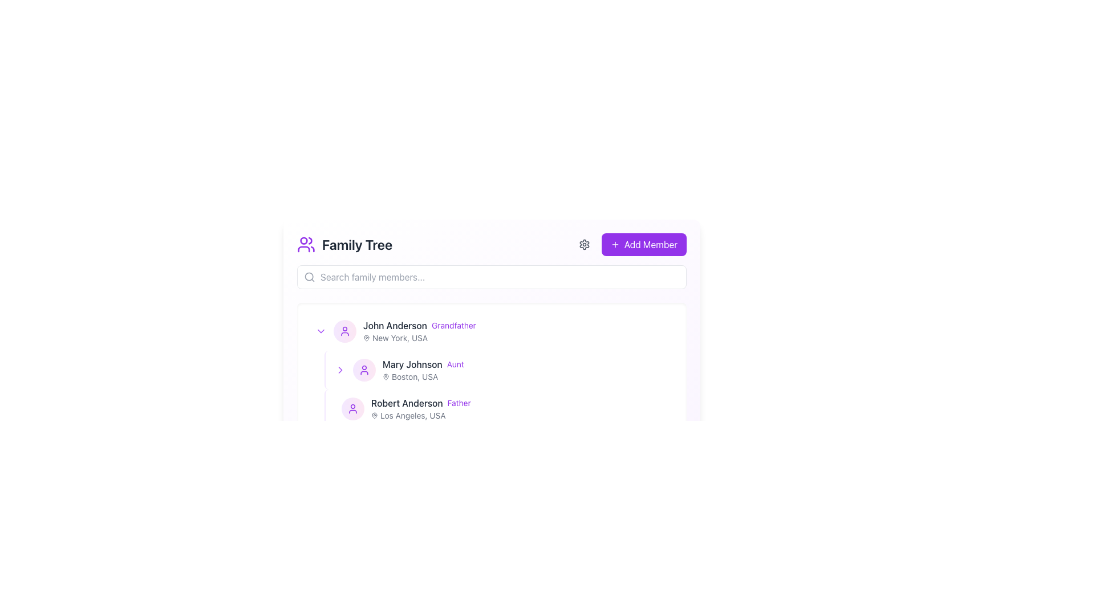  What do you see at coordinates (414, 376) in the screenshot?
I see `the Text label that provides location-related information about 'Mary Johnson', positioned directly below her name in the family tree interface` at bounding box center [414, 376].